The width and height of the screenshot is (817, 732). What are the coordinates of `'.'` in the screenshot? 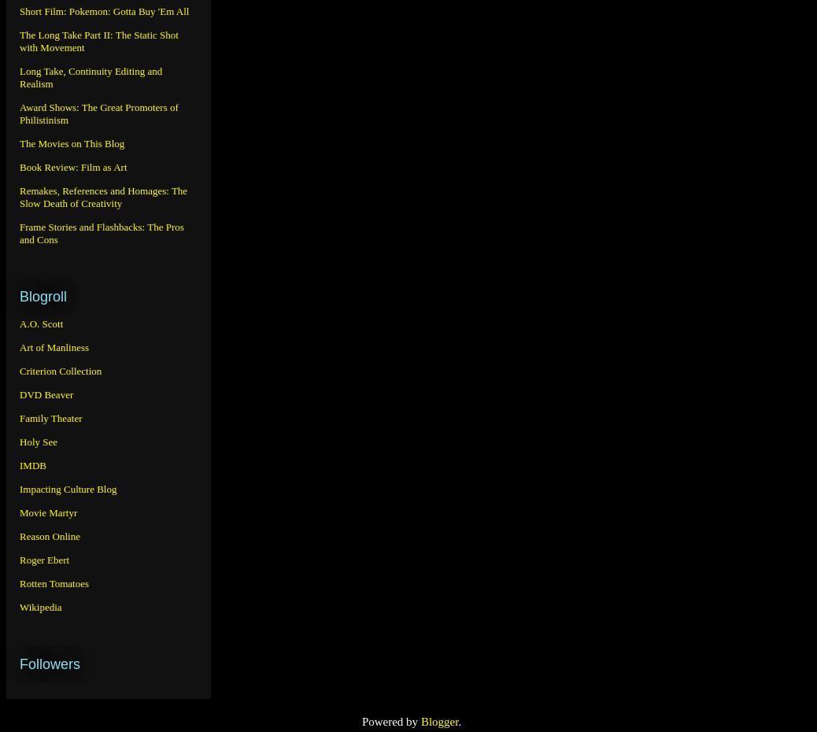 It's located at (457, 720).